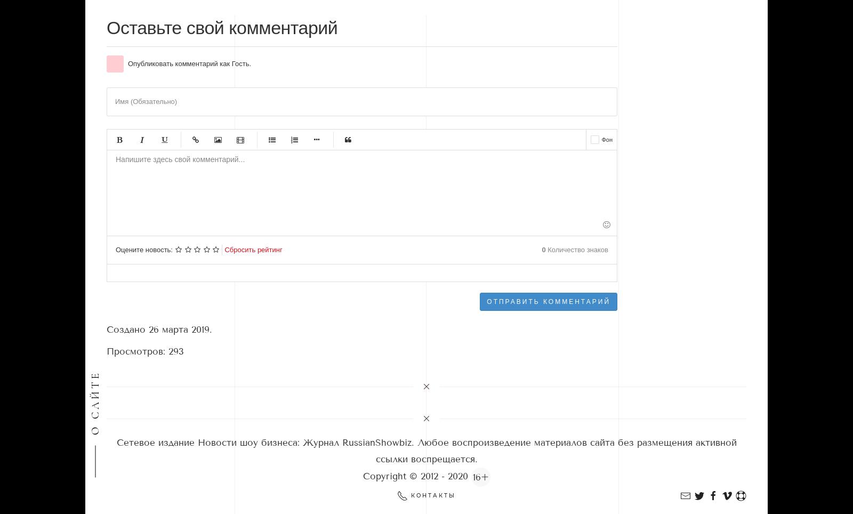  What do you see at coordinates (209, 330) in the screenshot?
I see `'.'` at bounding box center [209, 330].